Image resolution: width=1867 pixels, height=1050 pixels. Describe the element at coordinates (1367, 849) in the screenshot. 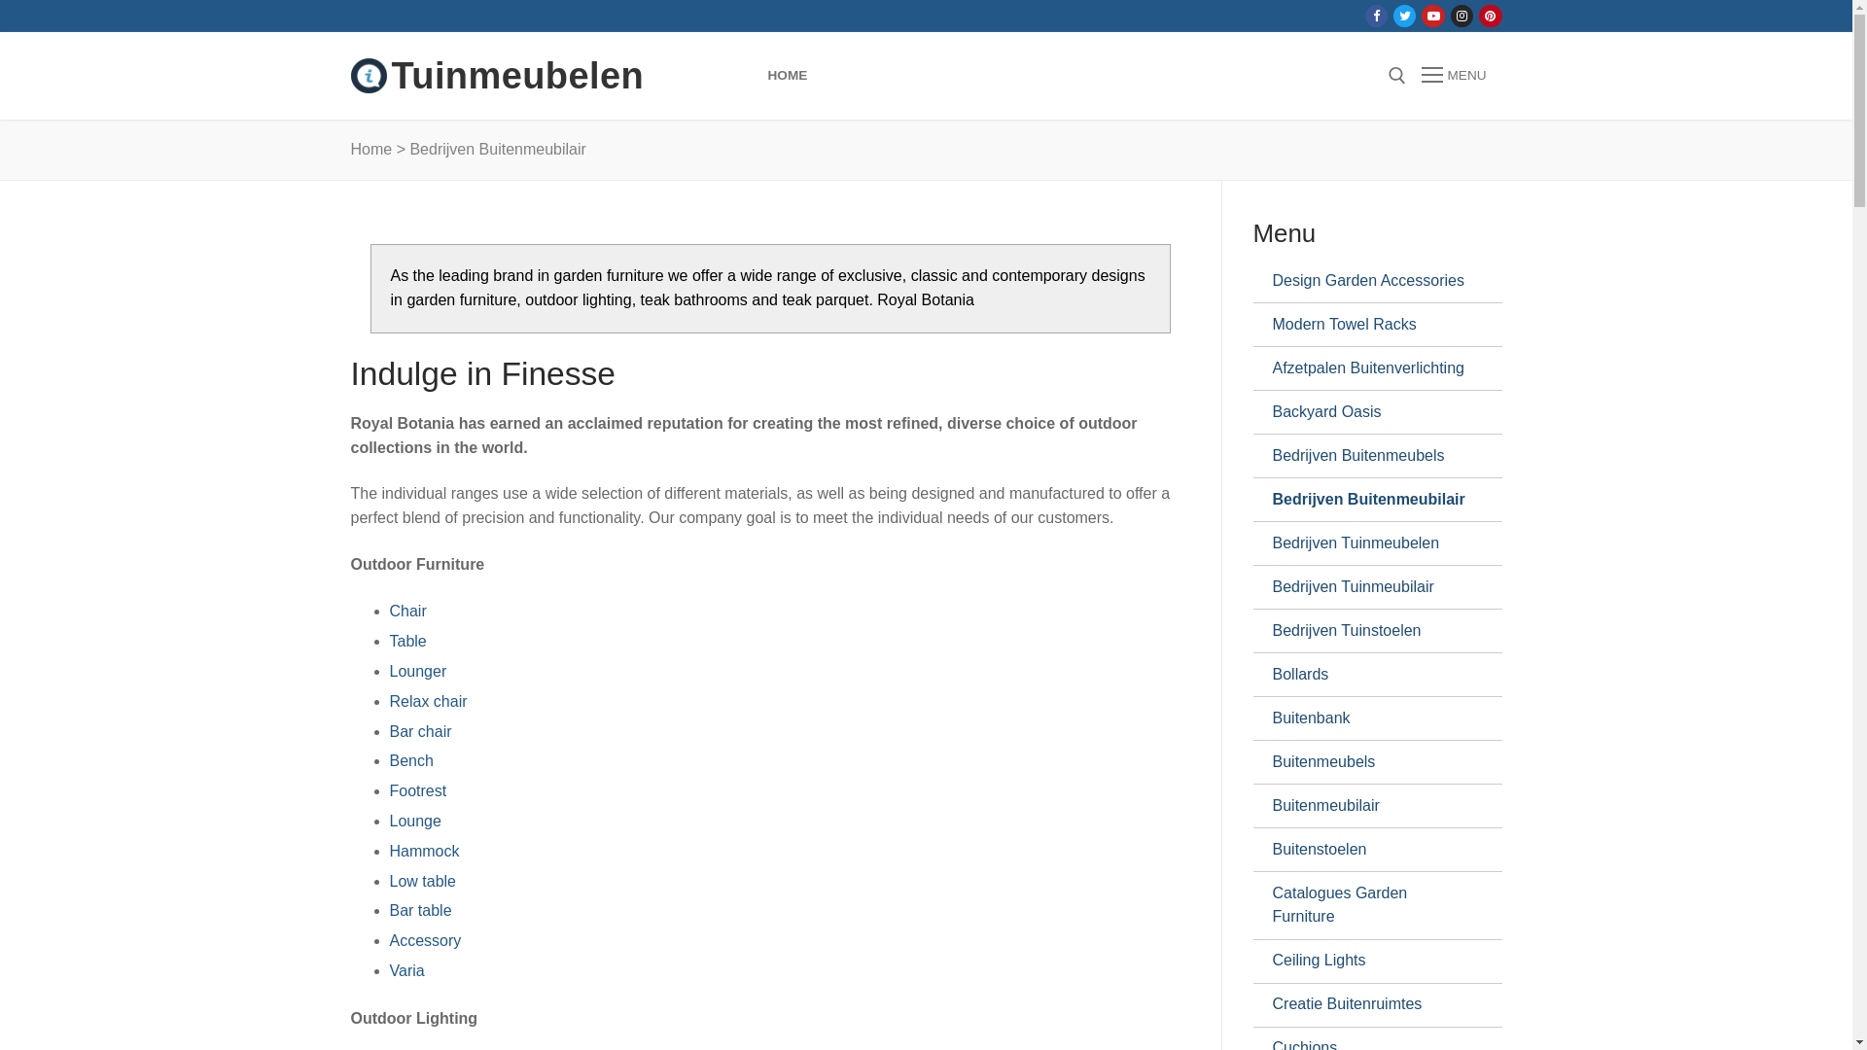

I see `'Buitenstoelen'` at that location.